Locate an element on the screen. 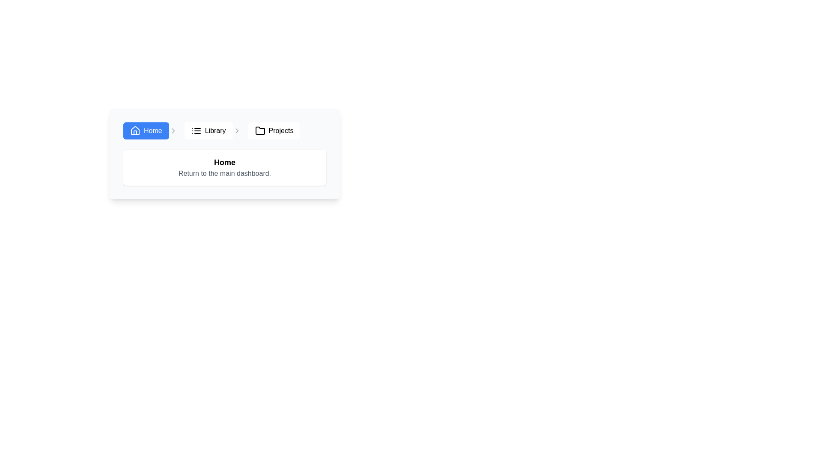  the 'Projects' section of the breadcrumb navigation is located at coordinates (281, 130).